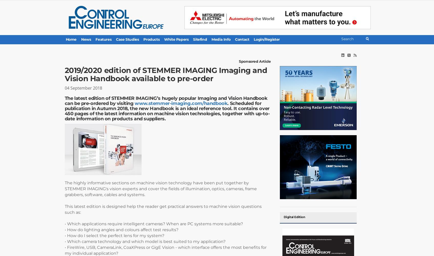 The height and width of the screenshot is (256, 434). What do you see at coordinates (211, 39) in the screenshot?
I see `'Media Info'` at bounding box center [211, 39].